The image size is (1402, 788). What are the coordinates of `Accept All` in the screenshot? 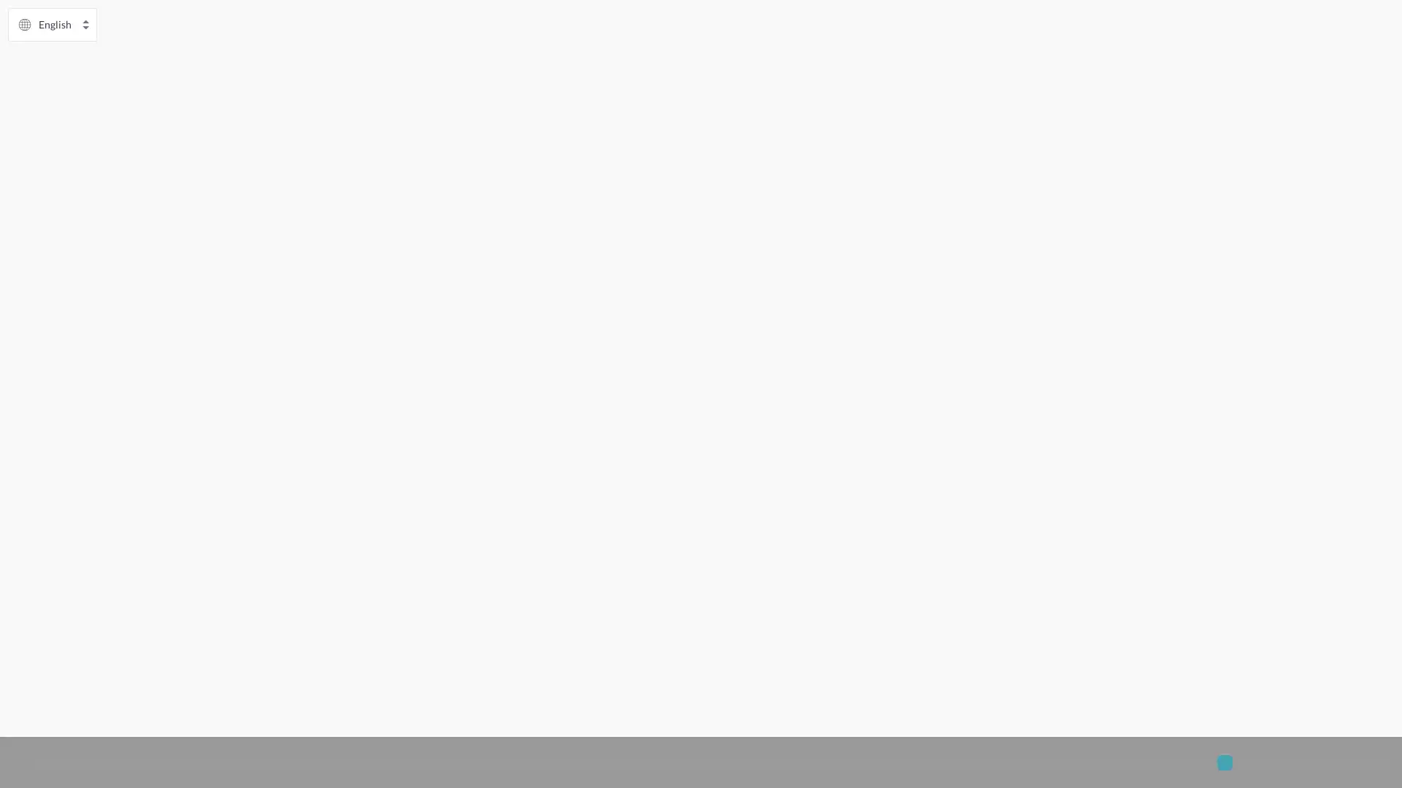 It's located at (1247, 756).